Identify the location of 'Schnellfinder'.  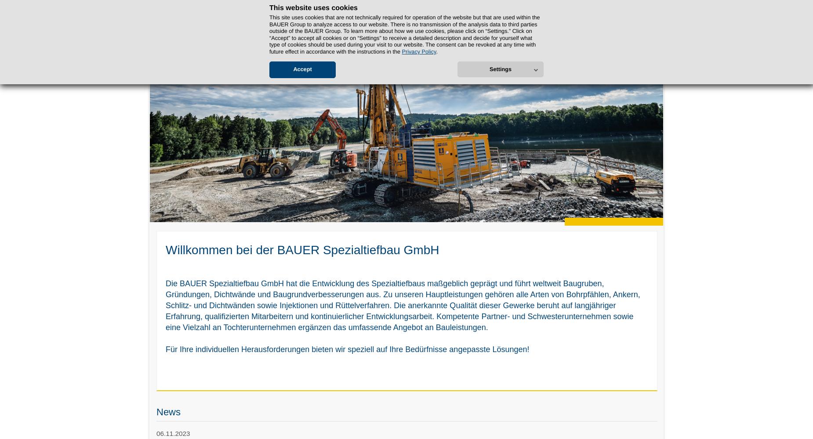
(641, 7).